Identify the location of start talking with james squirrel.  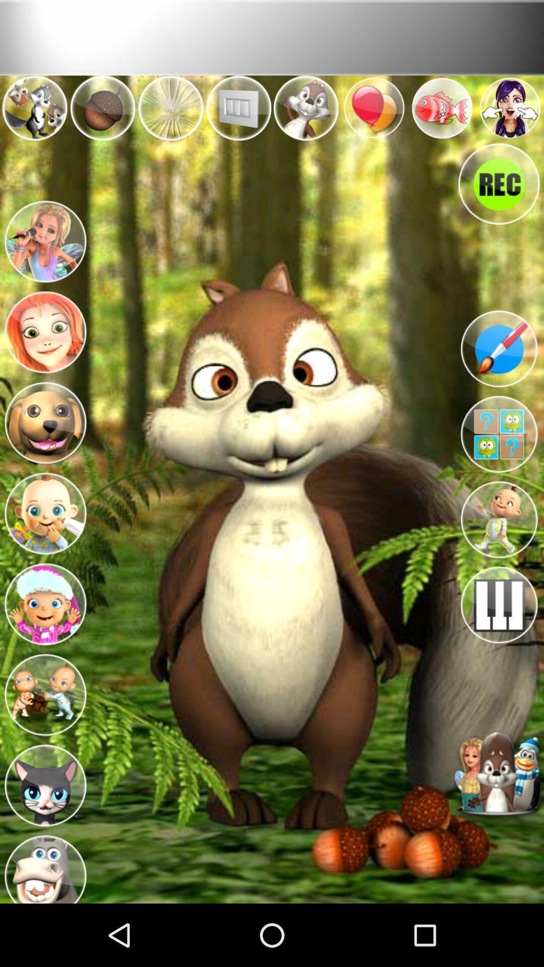
(499, 775).